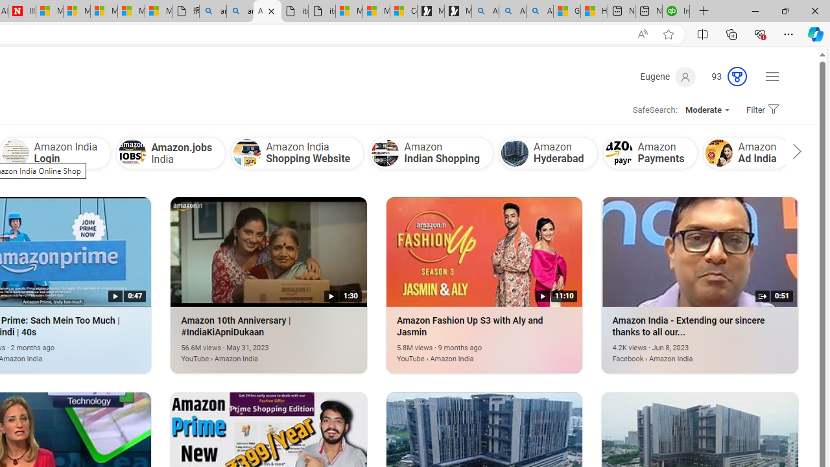 This screenshot has height=467, width=830. Describe the element at coordinates (403, 11) in the screenshot. I see `'Consumer Health Data Privacy Policy'` at that location.